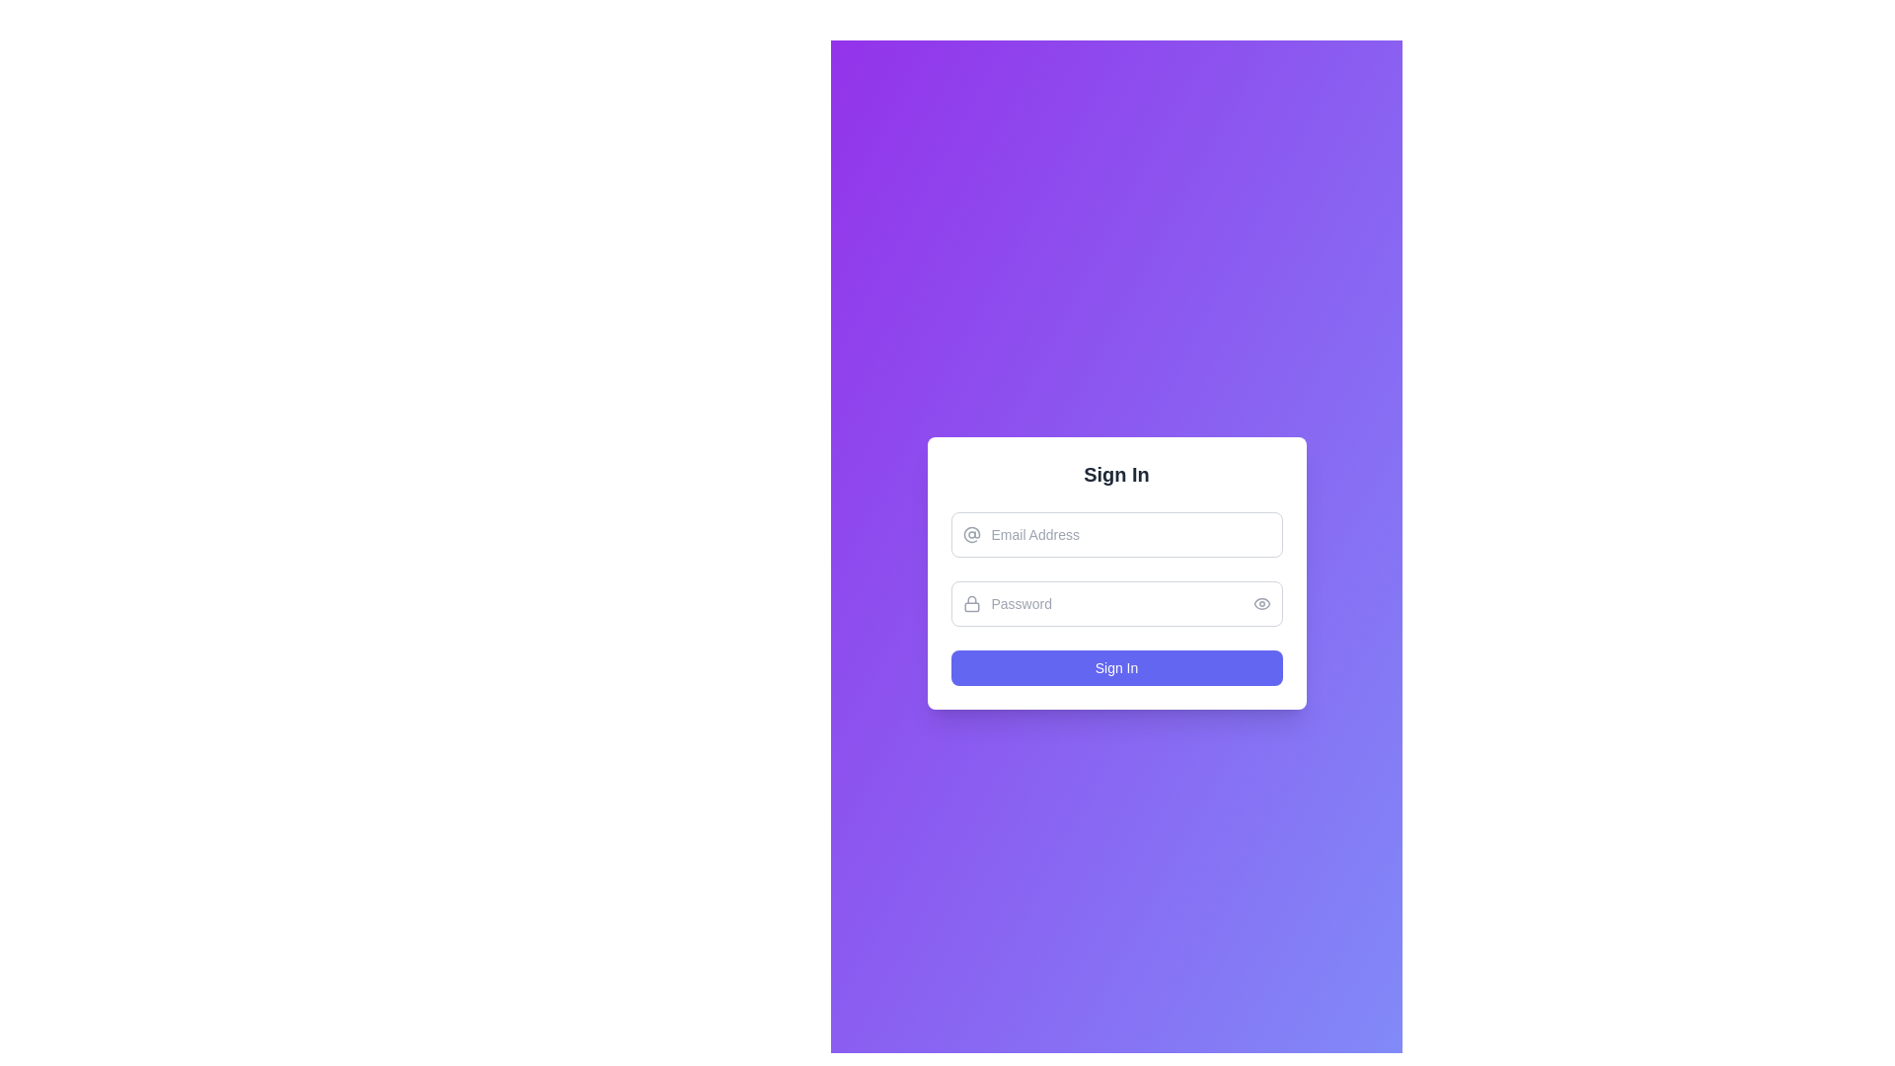 Image resolution: width=1895 pixels, height=1066 pixels. What do you see at coordinates (971, 535) in the screenshot?
I see `the decorative SVG icon located to the immediate left of the 'Email Address' input field, which visually indicates the purpose of the input field` at bounding box center [971, 535].